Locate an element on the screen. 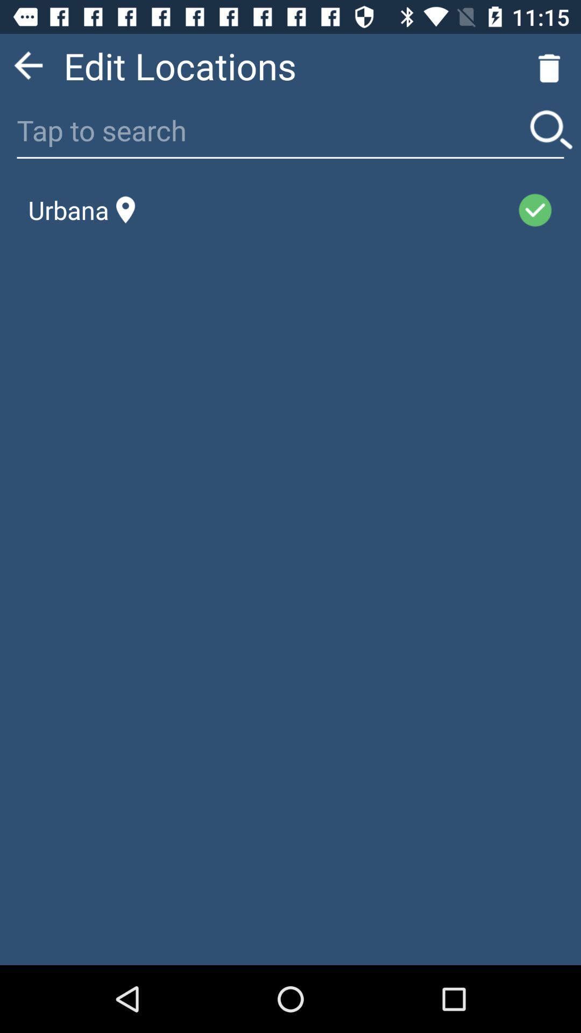 The image size is (581, 1033). the search icon is located at coordinates (551, 129).